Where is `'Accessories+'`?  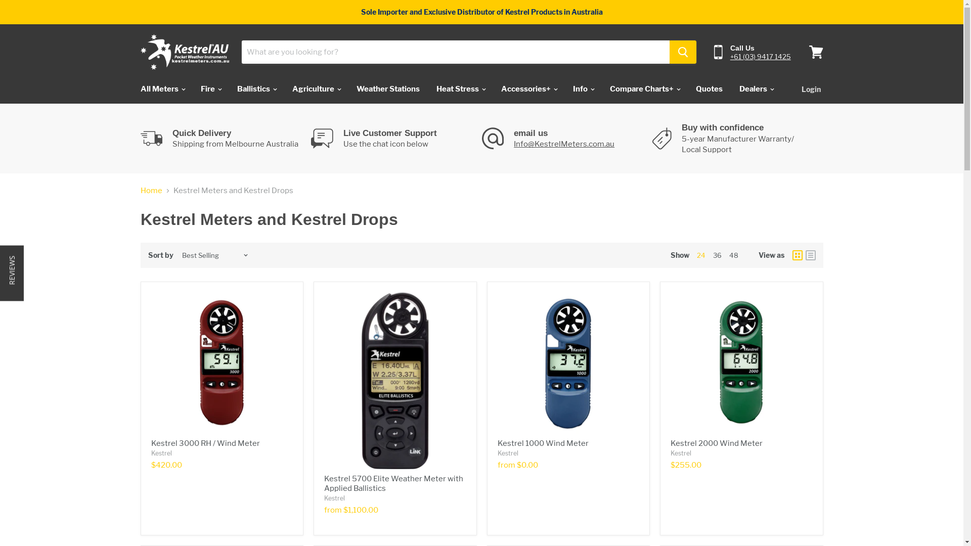
'Accessories+' is located at coordinates (528, 88).